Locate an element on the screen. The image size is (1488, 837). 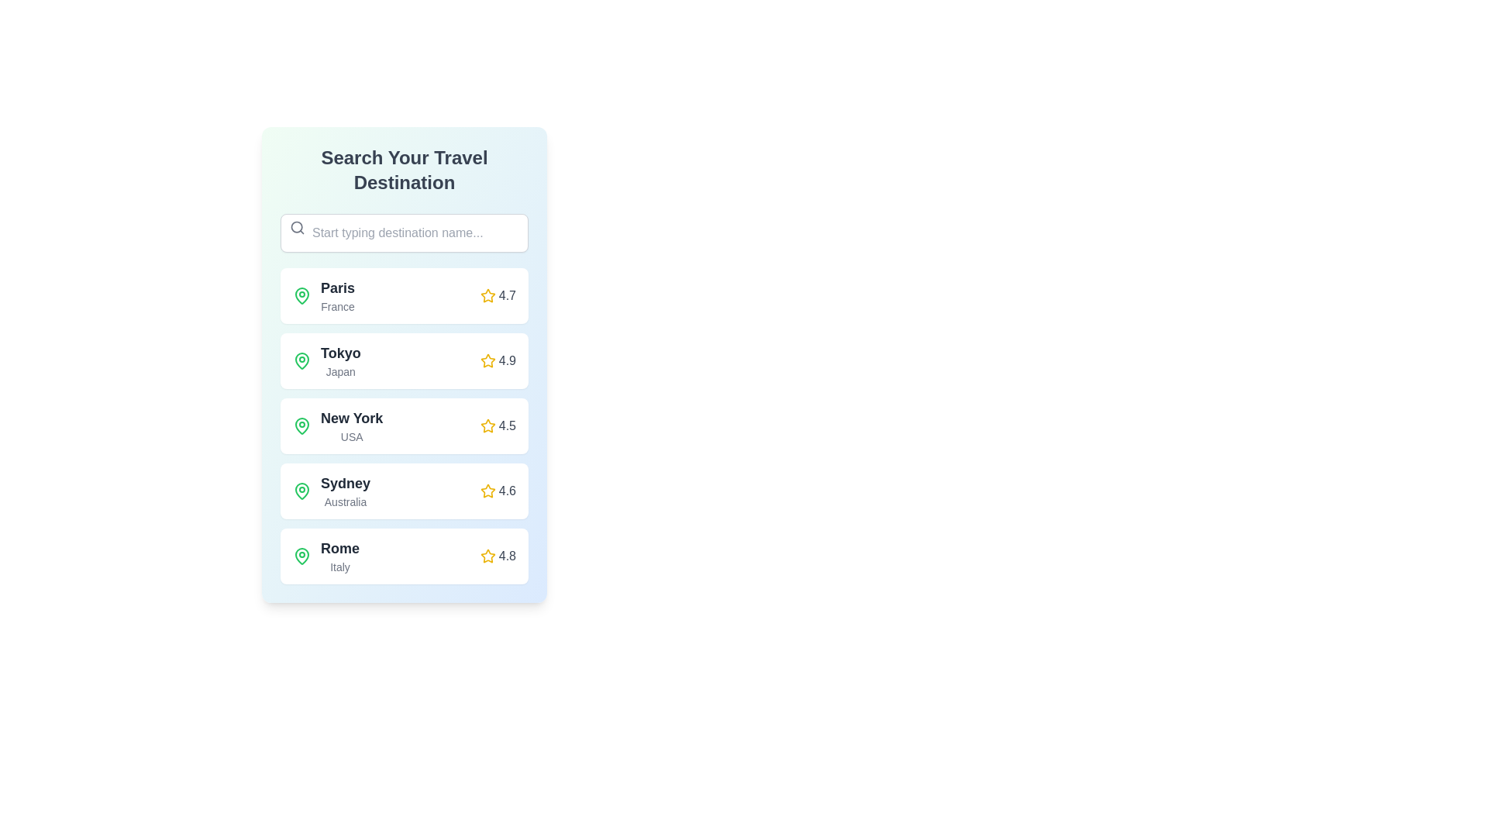
the travel destination list item featuring a green map pin icon, with the city name 'New York' in bold and the country name 'USA' underneath is located at coordinates (337, 426).